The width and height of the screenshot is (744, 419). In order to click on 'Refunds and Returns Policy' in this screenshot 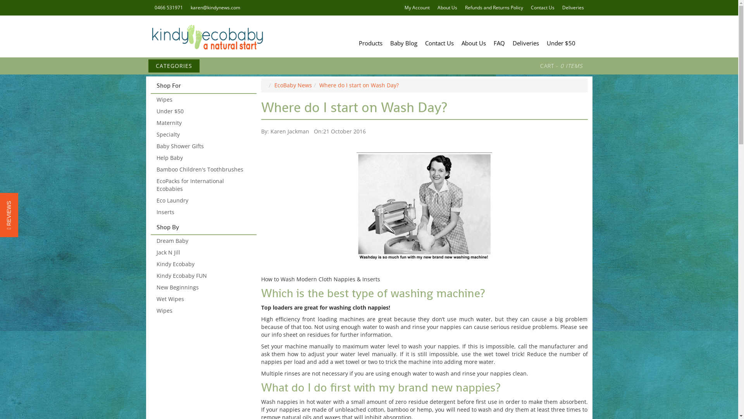, I will do `click(494, 7)`.